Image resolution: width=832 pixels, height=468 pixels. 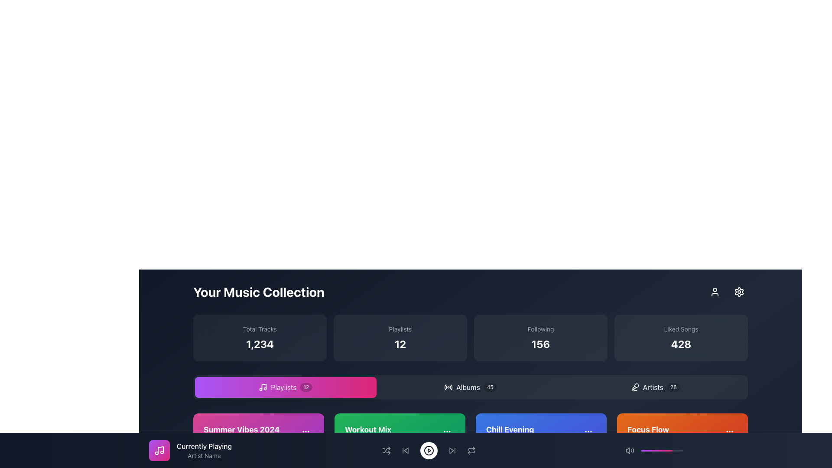 What do you see at coordinates (447, 431) in the screenshot?
I see `the center small circle of the vertical ellipsis icon` at bounding box center [447, 431].